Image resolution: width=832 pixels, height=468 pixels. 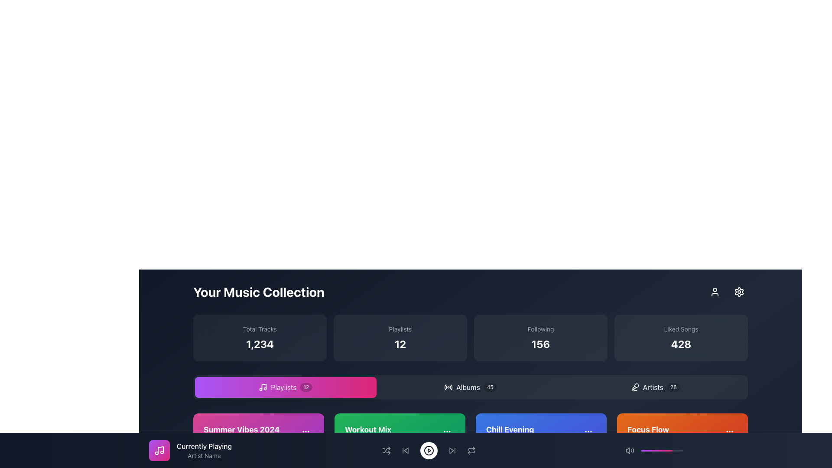 What do you see at coordinates (447, 431) in the screenshot?
I see `the center small circle of the vertical ellipsis icon` at bounding box center [447, 431].